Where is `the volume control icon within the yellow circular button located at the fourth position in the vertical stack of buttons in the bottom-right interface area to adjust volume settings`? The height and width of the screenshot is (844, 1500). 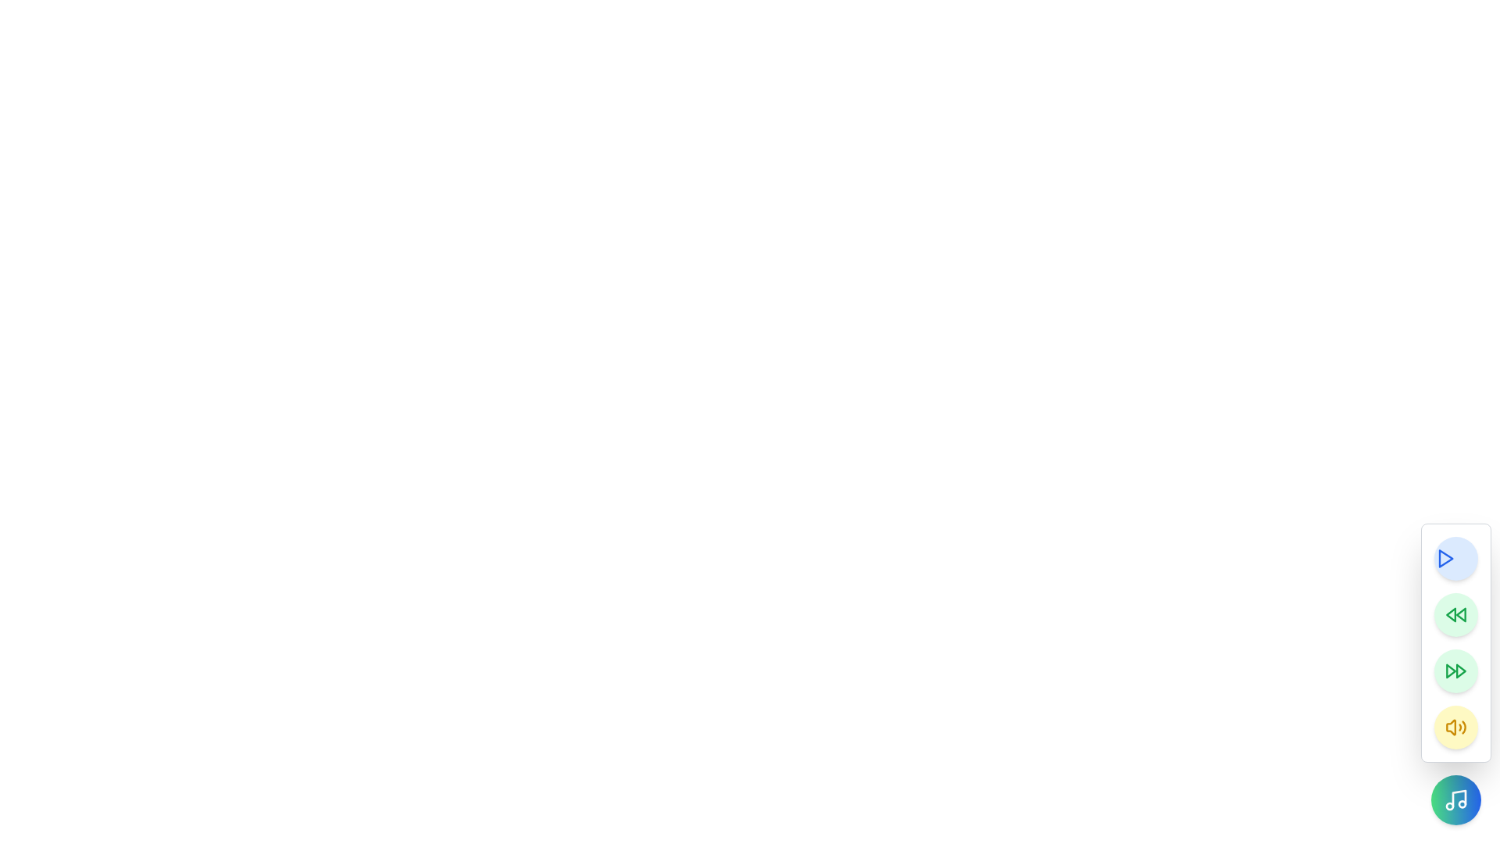
the volume control icon within the yellow circular button located at the fourth position in the vertical stack of buttons in the bottom-right interface area to adjust volume settings is located at coordinates (1455, 727).